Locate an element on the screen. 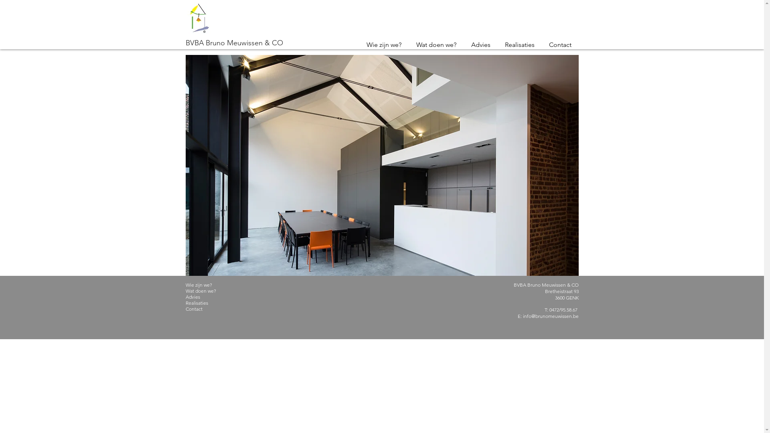  'Wat doen we?' is located at coordinates (436, 45).